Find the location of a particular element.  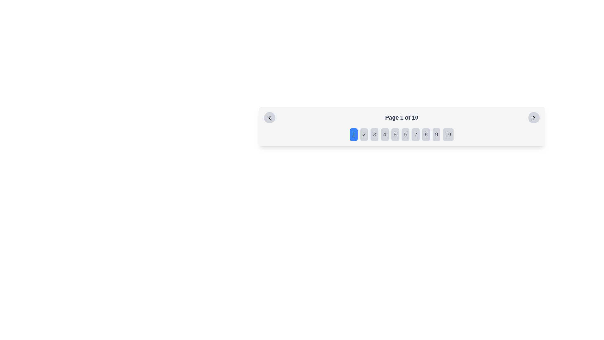

the first button in the pagination bar is located at coordinates (354, 134).